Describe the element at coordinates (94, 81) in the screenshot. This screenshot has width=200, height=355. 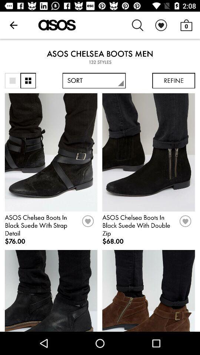
I see `the sort icon` at that location.